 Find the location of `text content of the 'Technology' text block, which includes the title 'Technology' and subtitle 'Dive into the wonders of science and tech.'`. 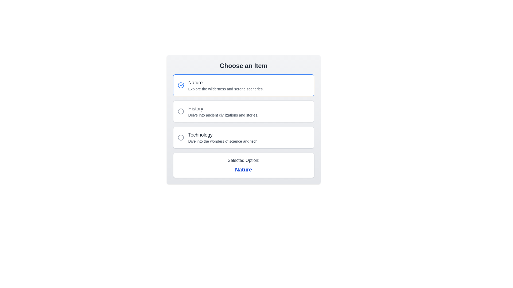

text content of the 'Technology' text block, which includes the title 'Technology' and subtitle 'Dive into the wonders of science and tech.' is located at coordinates (223, 137).